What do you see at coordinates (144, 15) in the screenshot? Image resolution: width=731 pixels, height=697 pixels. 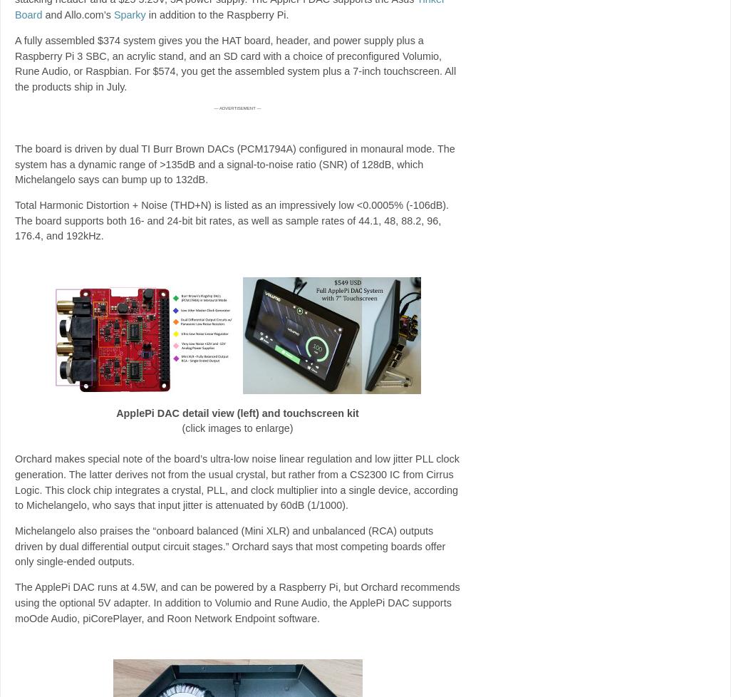 I see `'in addition to the Raspberry Pi.'` at bounding box center [144, 15].